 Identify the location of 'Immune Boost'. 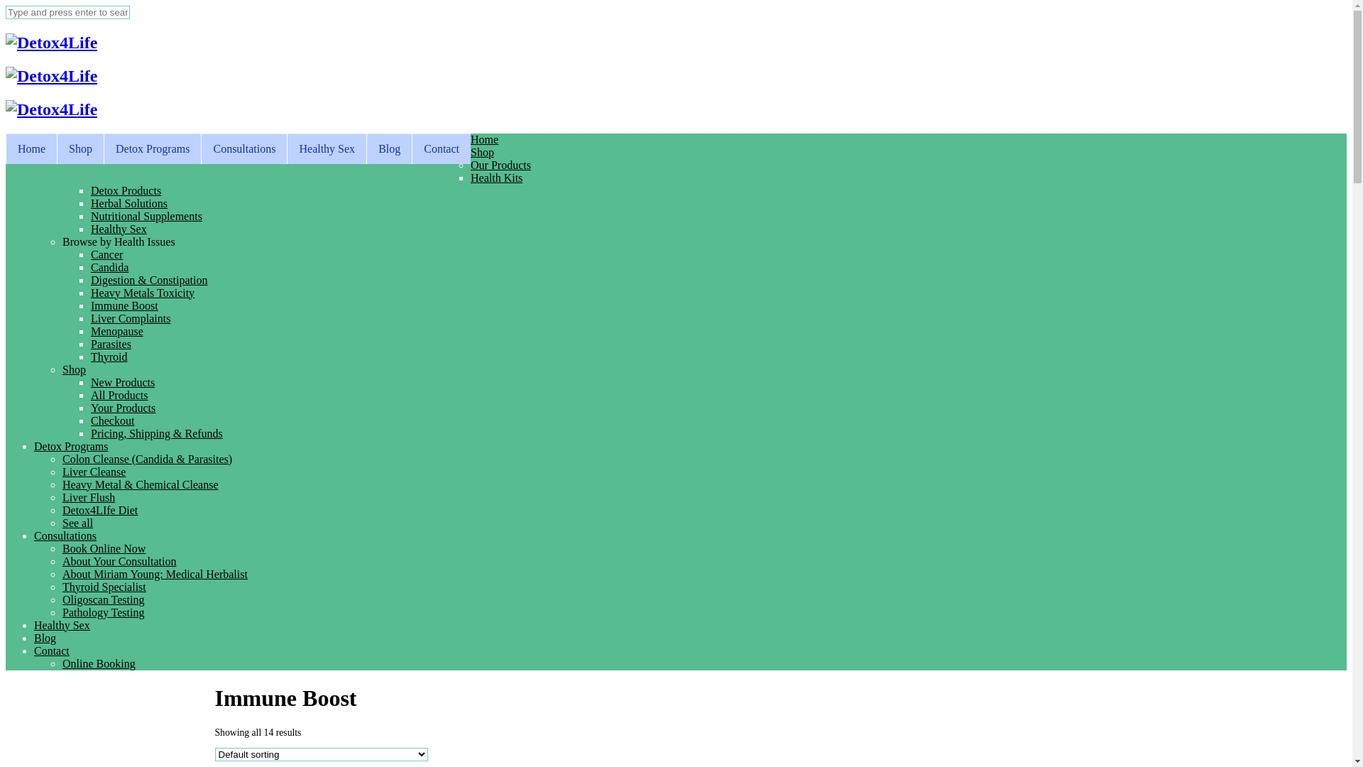
(124, 305).